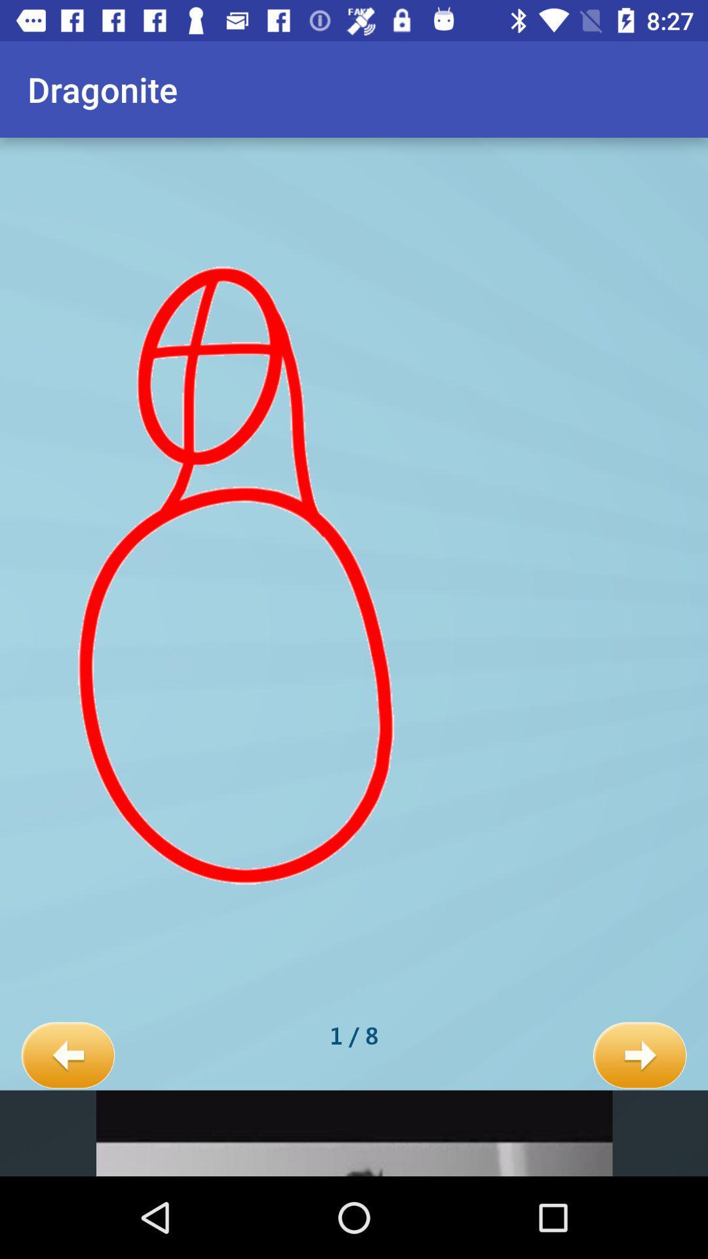  I want to click on the item at the bottom left corner, so click(68, 1056).